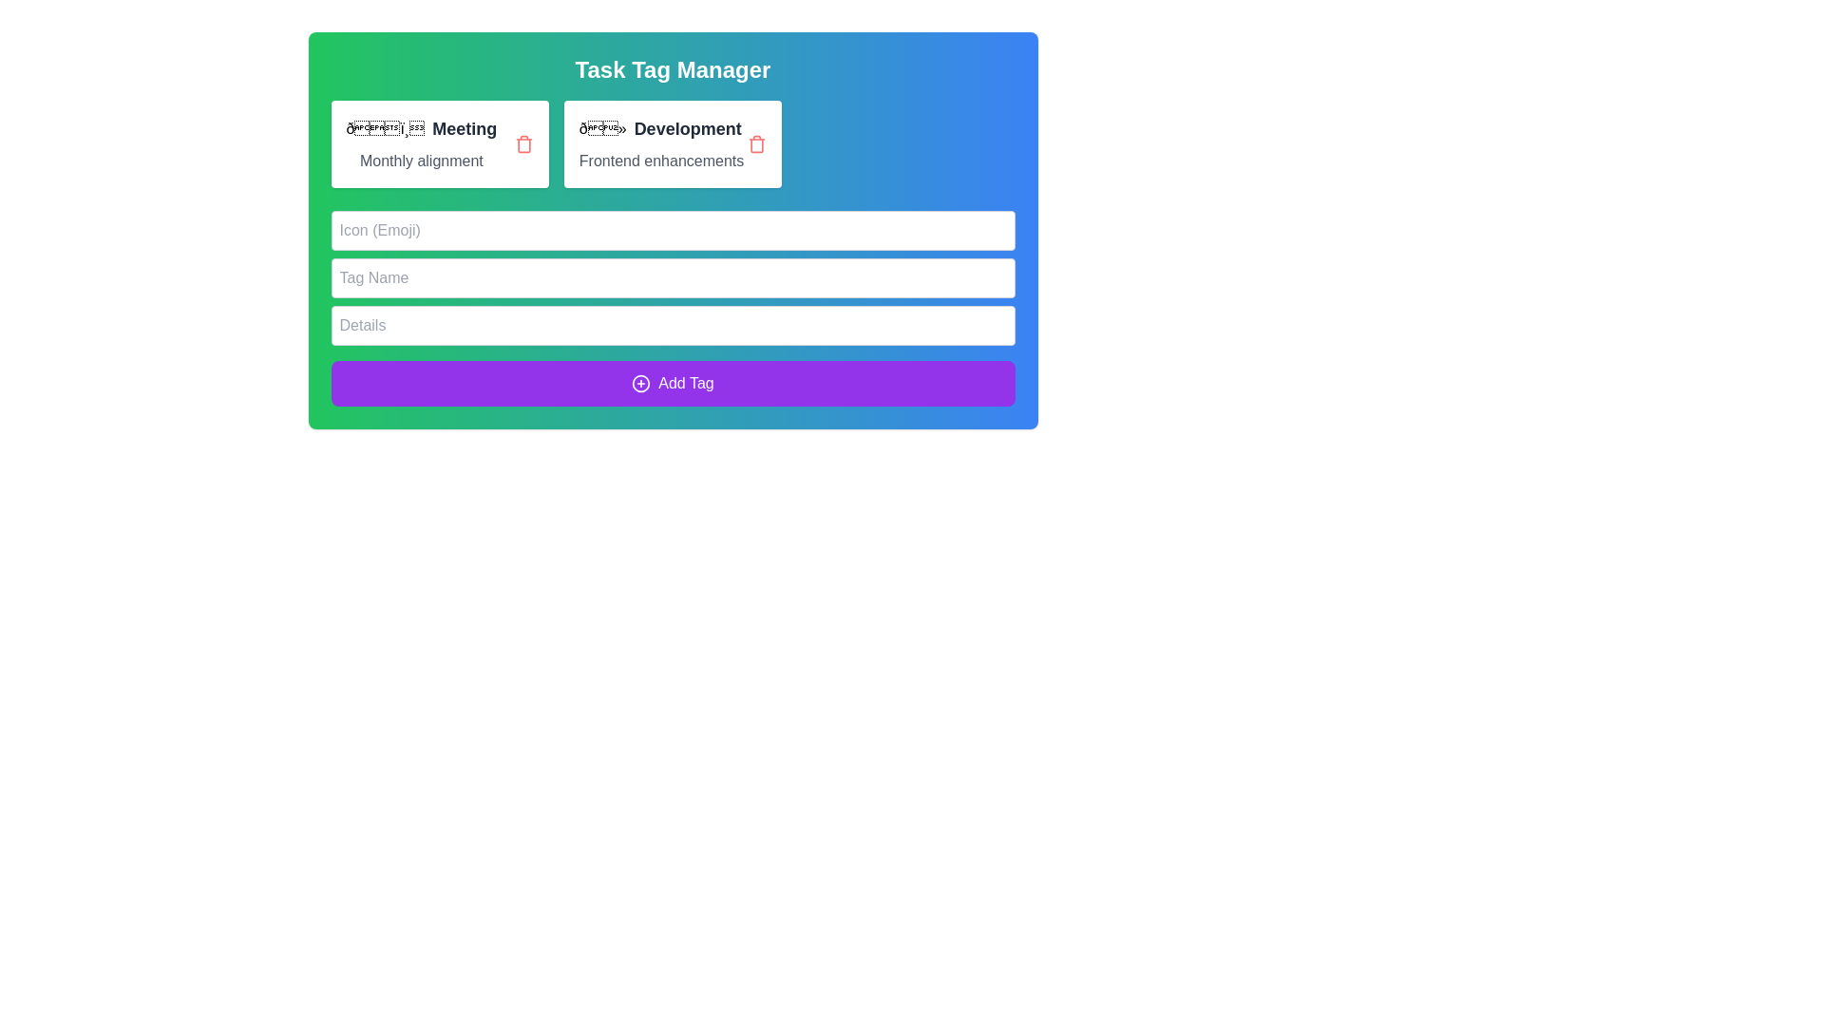  Describe the element at coordinates (420, 142) in the screenshot. I see `text of the Information display card labeled '📓 Meeting' which is the first card in a horizontal row near the top of the interface` at that location.